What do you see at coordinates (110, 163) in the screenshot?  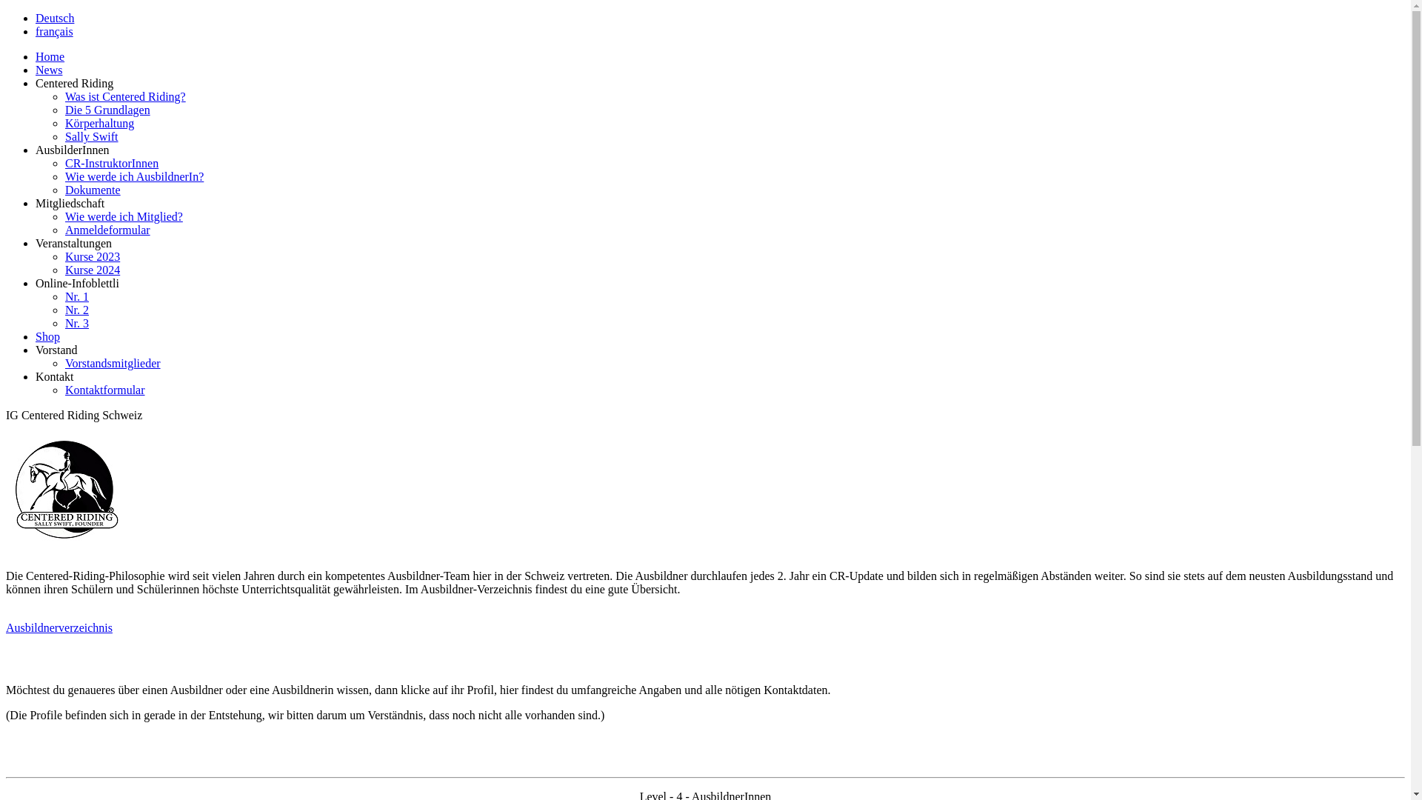 I see `'CR-InstruktorInnen'` at bounding box center [110, 163].